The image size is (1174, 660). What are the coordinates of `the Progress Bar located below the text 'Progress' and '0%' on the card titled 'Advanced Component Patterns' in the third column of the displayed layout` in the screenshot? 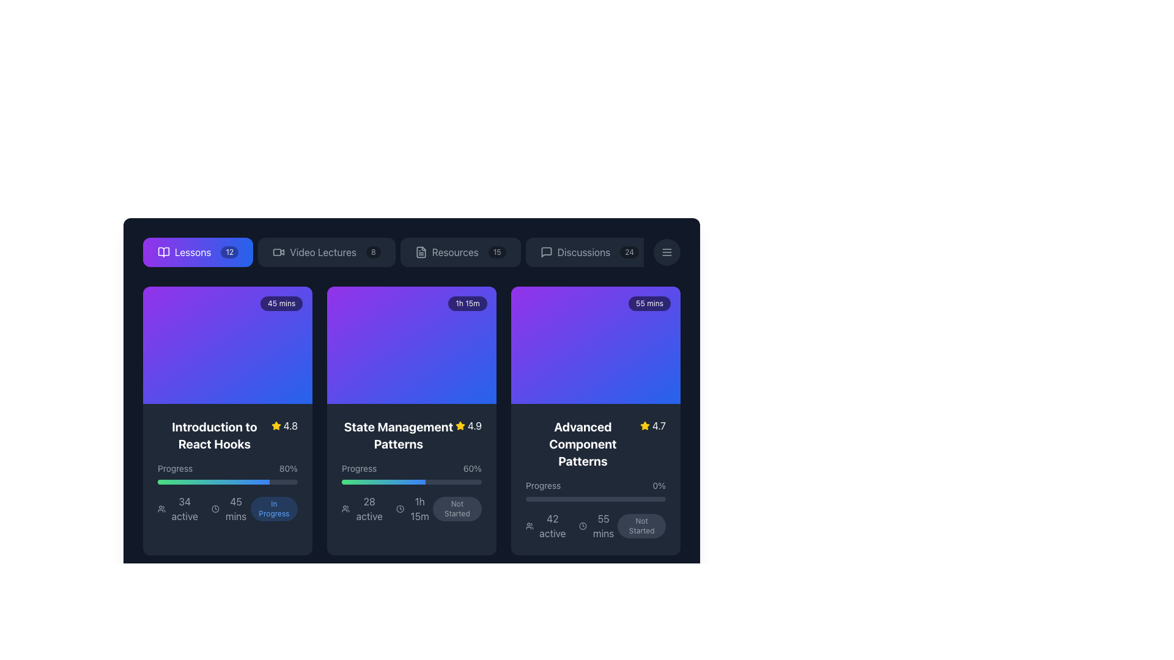 It's located at (596, 499).